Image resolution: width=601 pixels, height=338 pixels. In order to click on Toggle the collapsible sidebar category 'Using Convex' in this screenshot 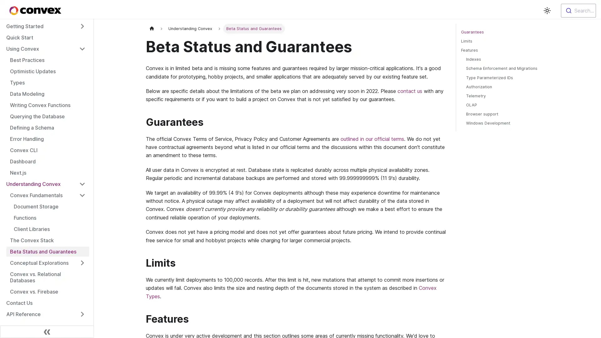, I will do `click(82, 48)`.